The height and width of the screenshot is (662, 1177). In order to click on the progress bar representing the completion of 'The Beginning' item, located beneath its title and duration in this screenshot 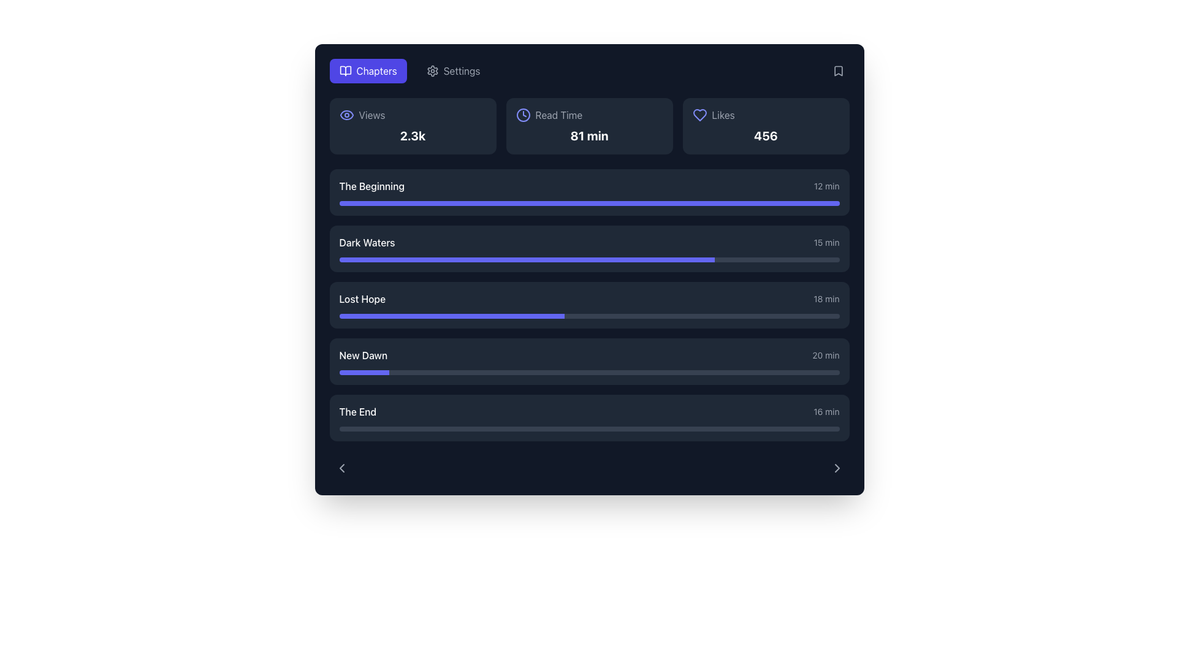, I will do `click(589, 202)`.